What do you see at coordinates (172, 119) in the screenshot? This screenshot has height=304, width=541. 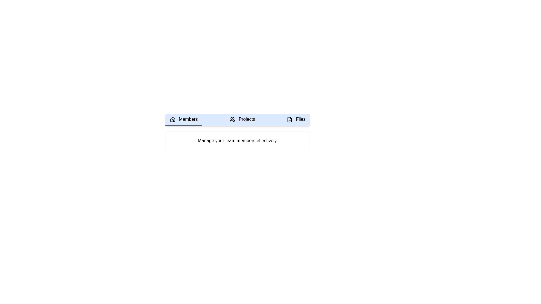 I see `the 'Members' icon located at the top center of the interface, positioned to the left of the label text 'Members'` at bounding box center [172, 119].